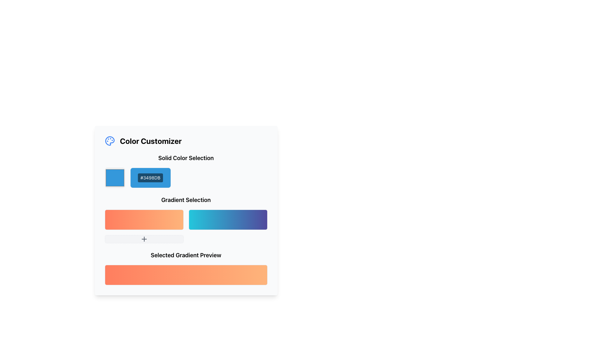 Image resolution: width=610 pixels, height=343 pixels. Describe the element at coordinates (150, 140) in the screenshot. I see `the header text labeled 'Color Customizer' which is styled with a bold, large font and is located near the top of the section` at that location.